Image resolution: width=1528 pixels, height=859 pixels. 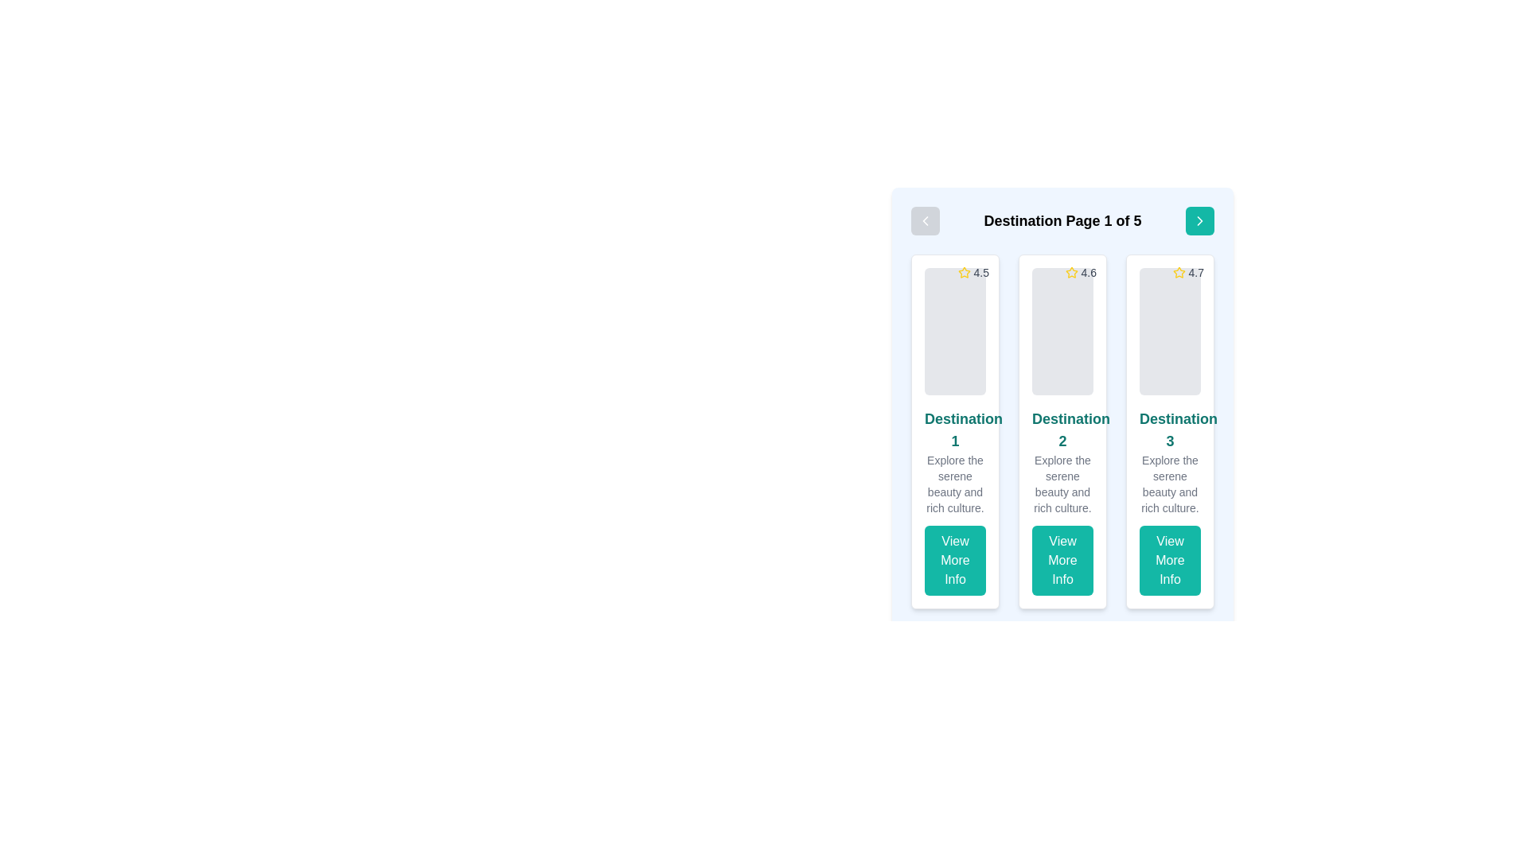 What do you see at coordinates (955, 484) in the screenshot?
I see `the descriptive tagline text located in the first card below the heading 'Destination 1' and above the 'View More Info' button` at bounding box center [955, 484].